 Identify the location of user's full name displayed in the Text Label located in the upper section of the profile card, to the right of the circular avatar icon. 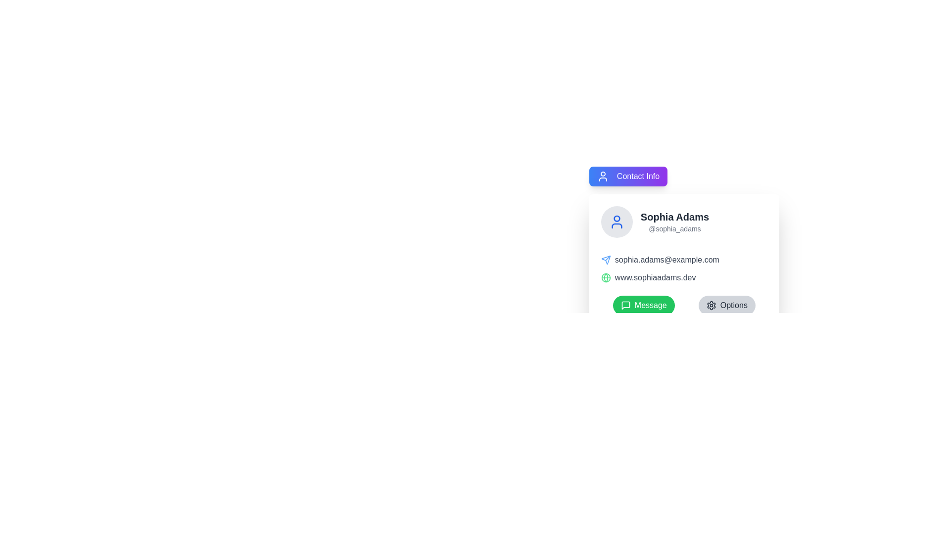
(674, 217).